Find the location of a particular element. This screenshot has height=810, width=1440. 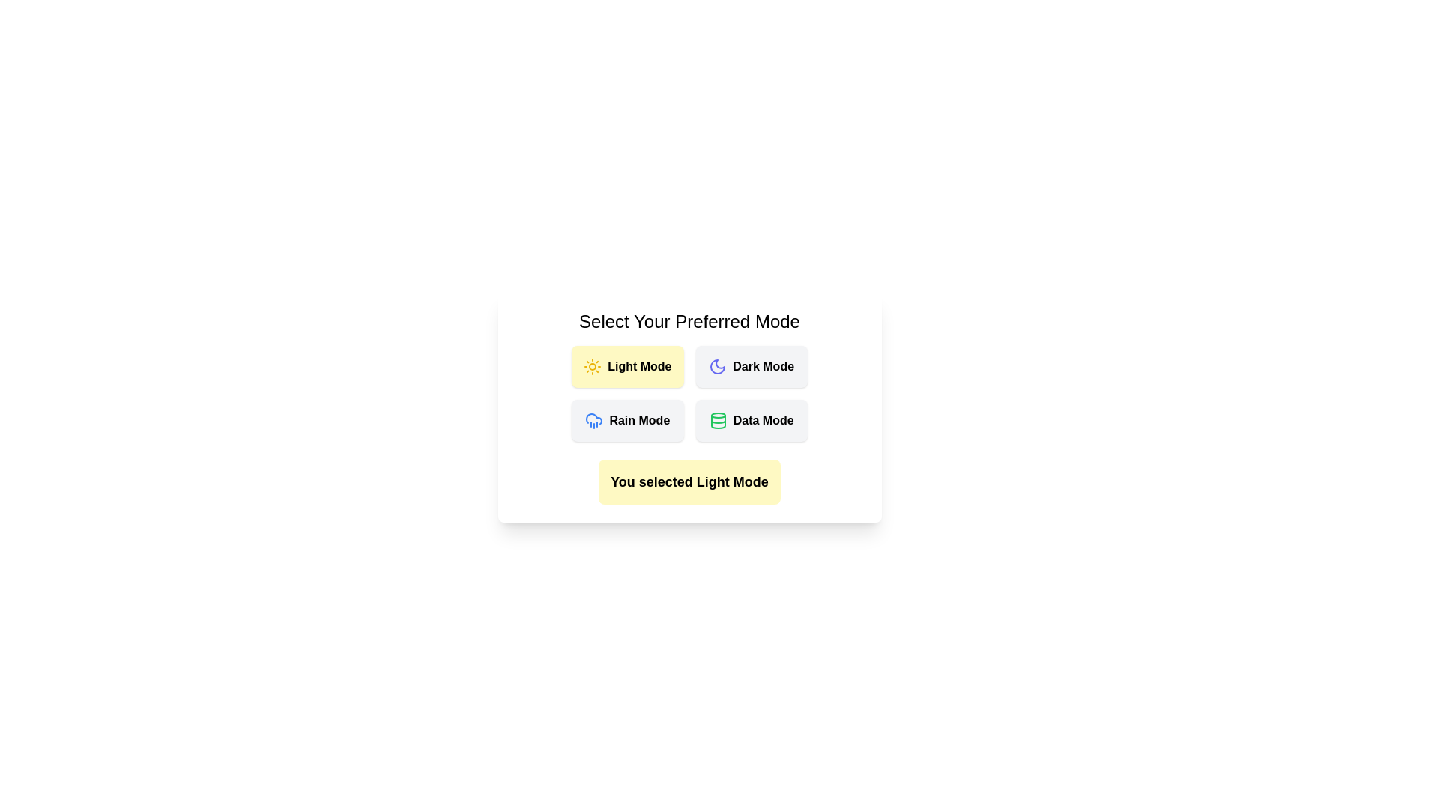

the 'Dark Mode' button located in the top-right cell of the 2x2 grid layout is located at coordinates (751, 367).